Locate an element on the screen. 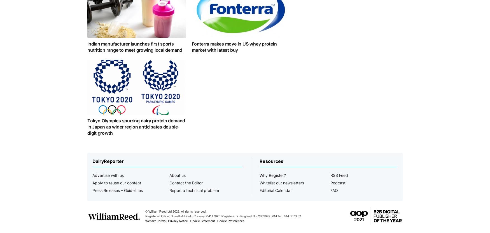 The width and height of the screenshot is (490, 233). 'Contact the Editor' is located at coordinates (185, 182).